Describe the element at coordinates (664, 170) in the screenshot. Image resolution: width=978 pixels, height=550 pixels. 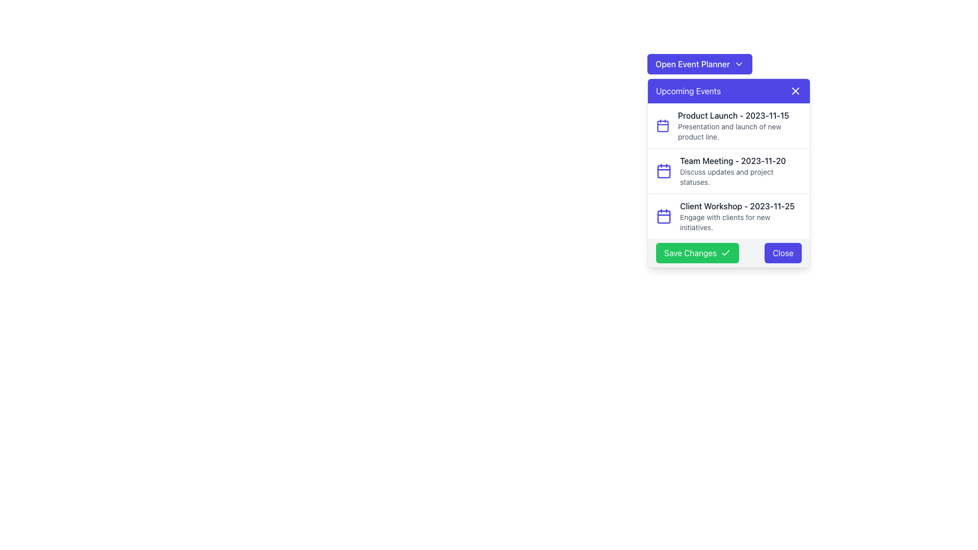
I see `the calendar icon representing the event date for 'Team Meeting - 2023-11-20' located in the middle section of the sidebar under 'Upcoming Events.'` at that location.